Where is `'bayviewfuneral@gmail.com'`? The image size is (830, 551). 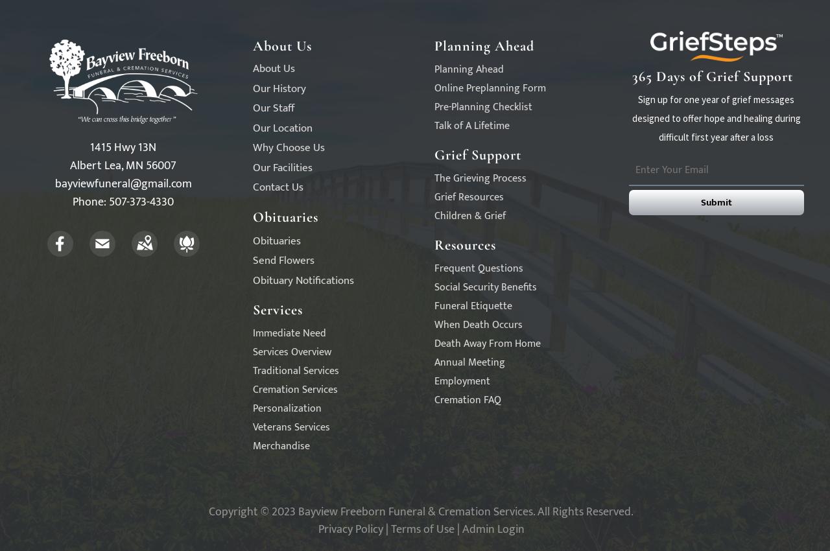 'bayviewfuneral@gmail.com' is located at coordinates (123, 183).